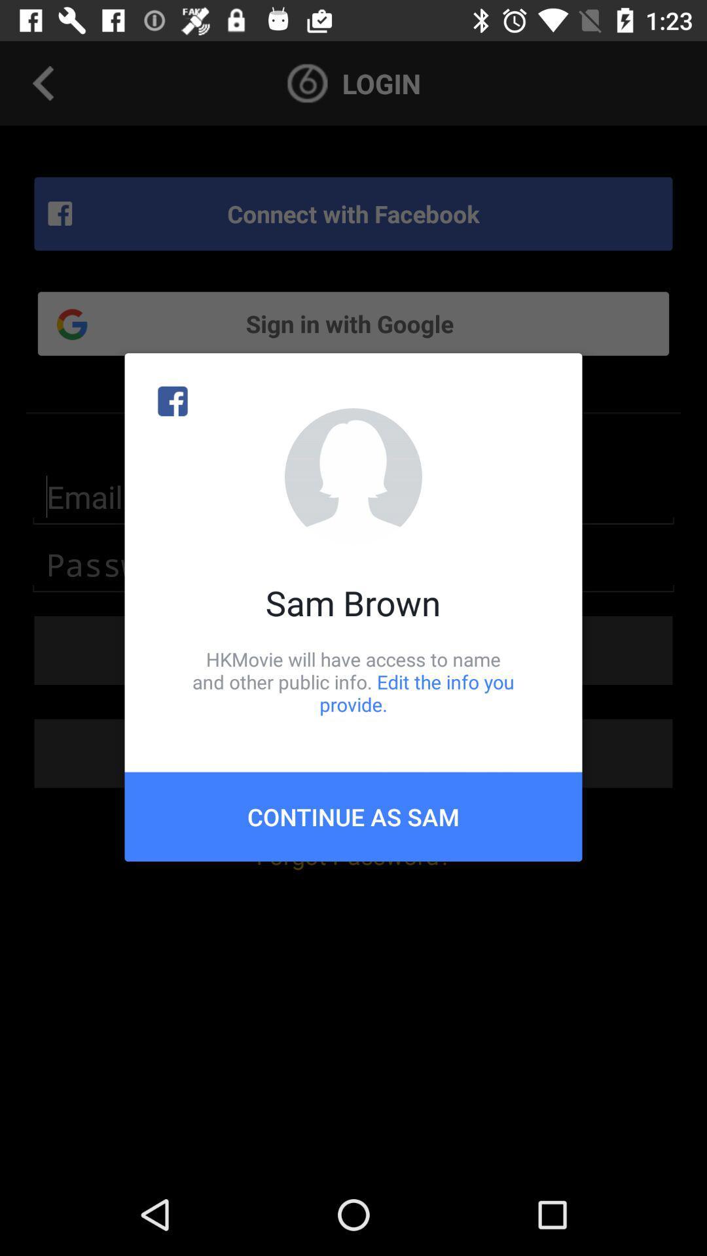  I want to click on hkmovie will have, so click(353, 681).